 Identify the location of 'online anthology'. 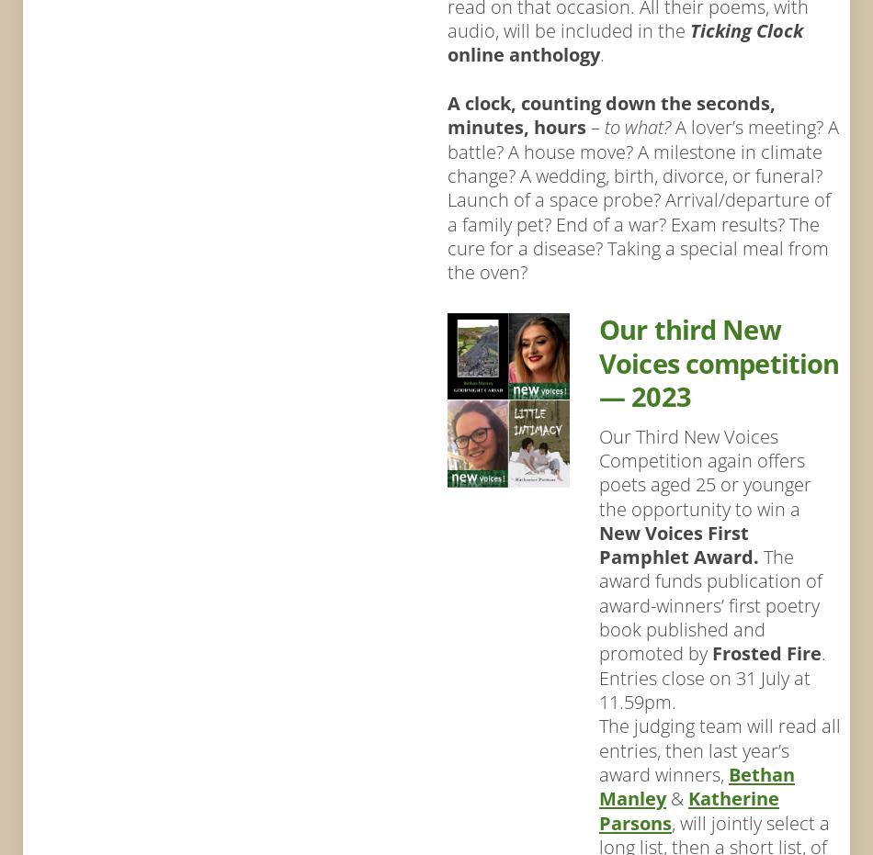
(447, 53).